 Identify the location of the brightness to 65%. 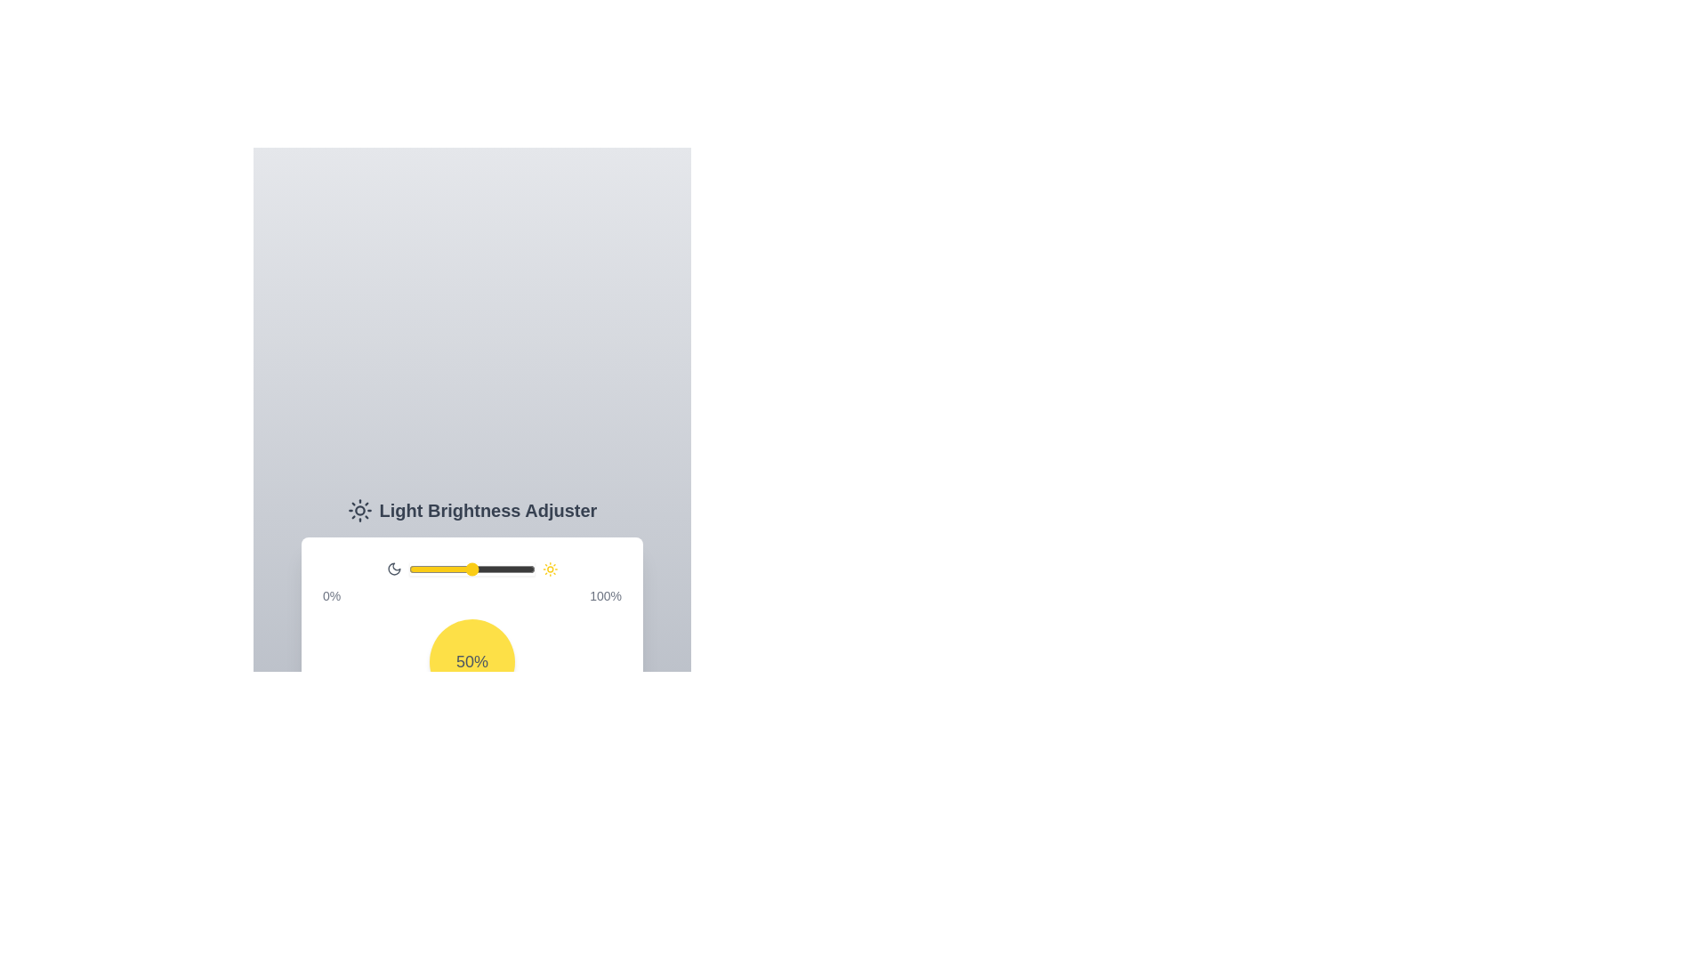
(491, 569).